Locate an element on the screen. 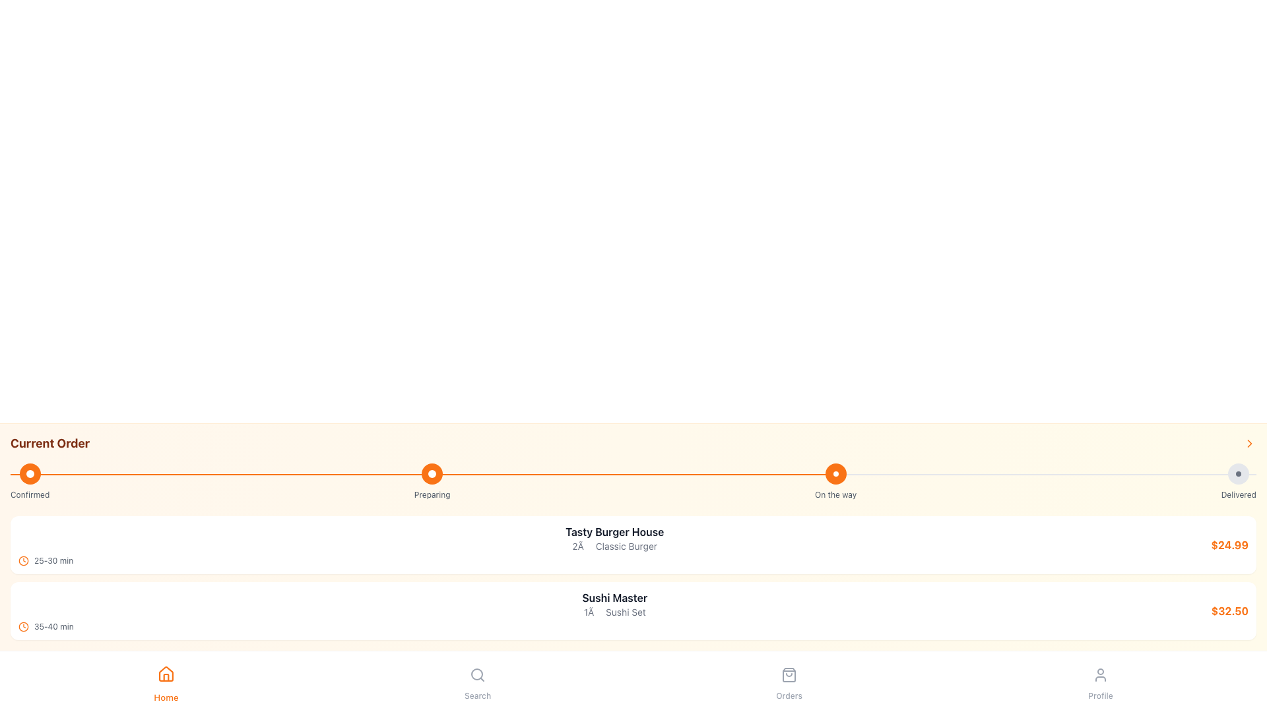 The height and width of the screenshot is (712, 1267). the circular user silhouette icon in the bottom navigation bar is located at coordinates (1101, 674).